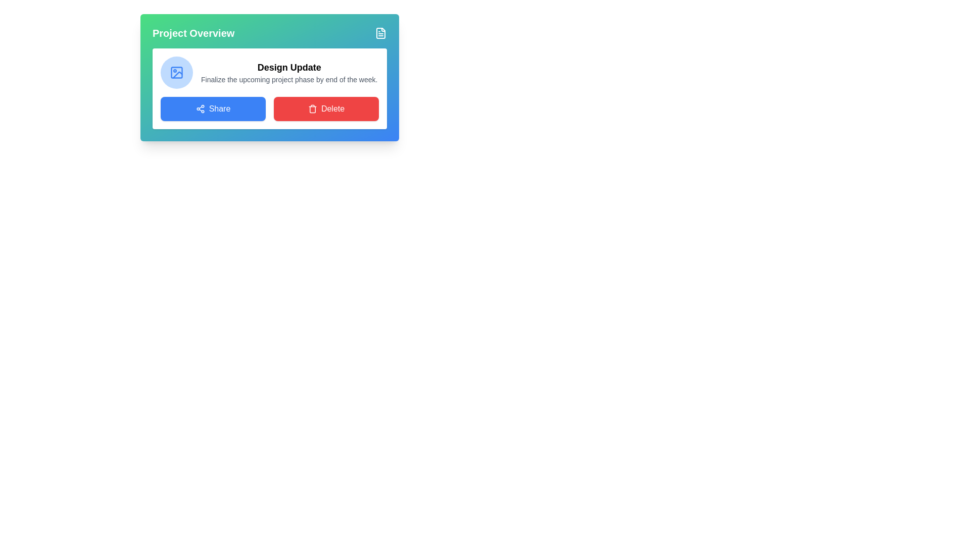 Image resolution: width=970 pixels, height=545 pixels. I want to click on the Content Display Section located at the top of the card-like structure, which is centrally positioned above the 'Share' and 'Delete' buttons and below the 'Project Overview' text, so click(269, 72).